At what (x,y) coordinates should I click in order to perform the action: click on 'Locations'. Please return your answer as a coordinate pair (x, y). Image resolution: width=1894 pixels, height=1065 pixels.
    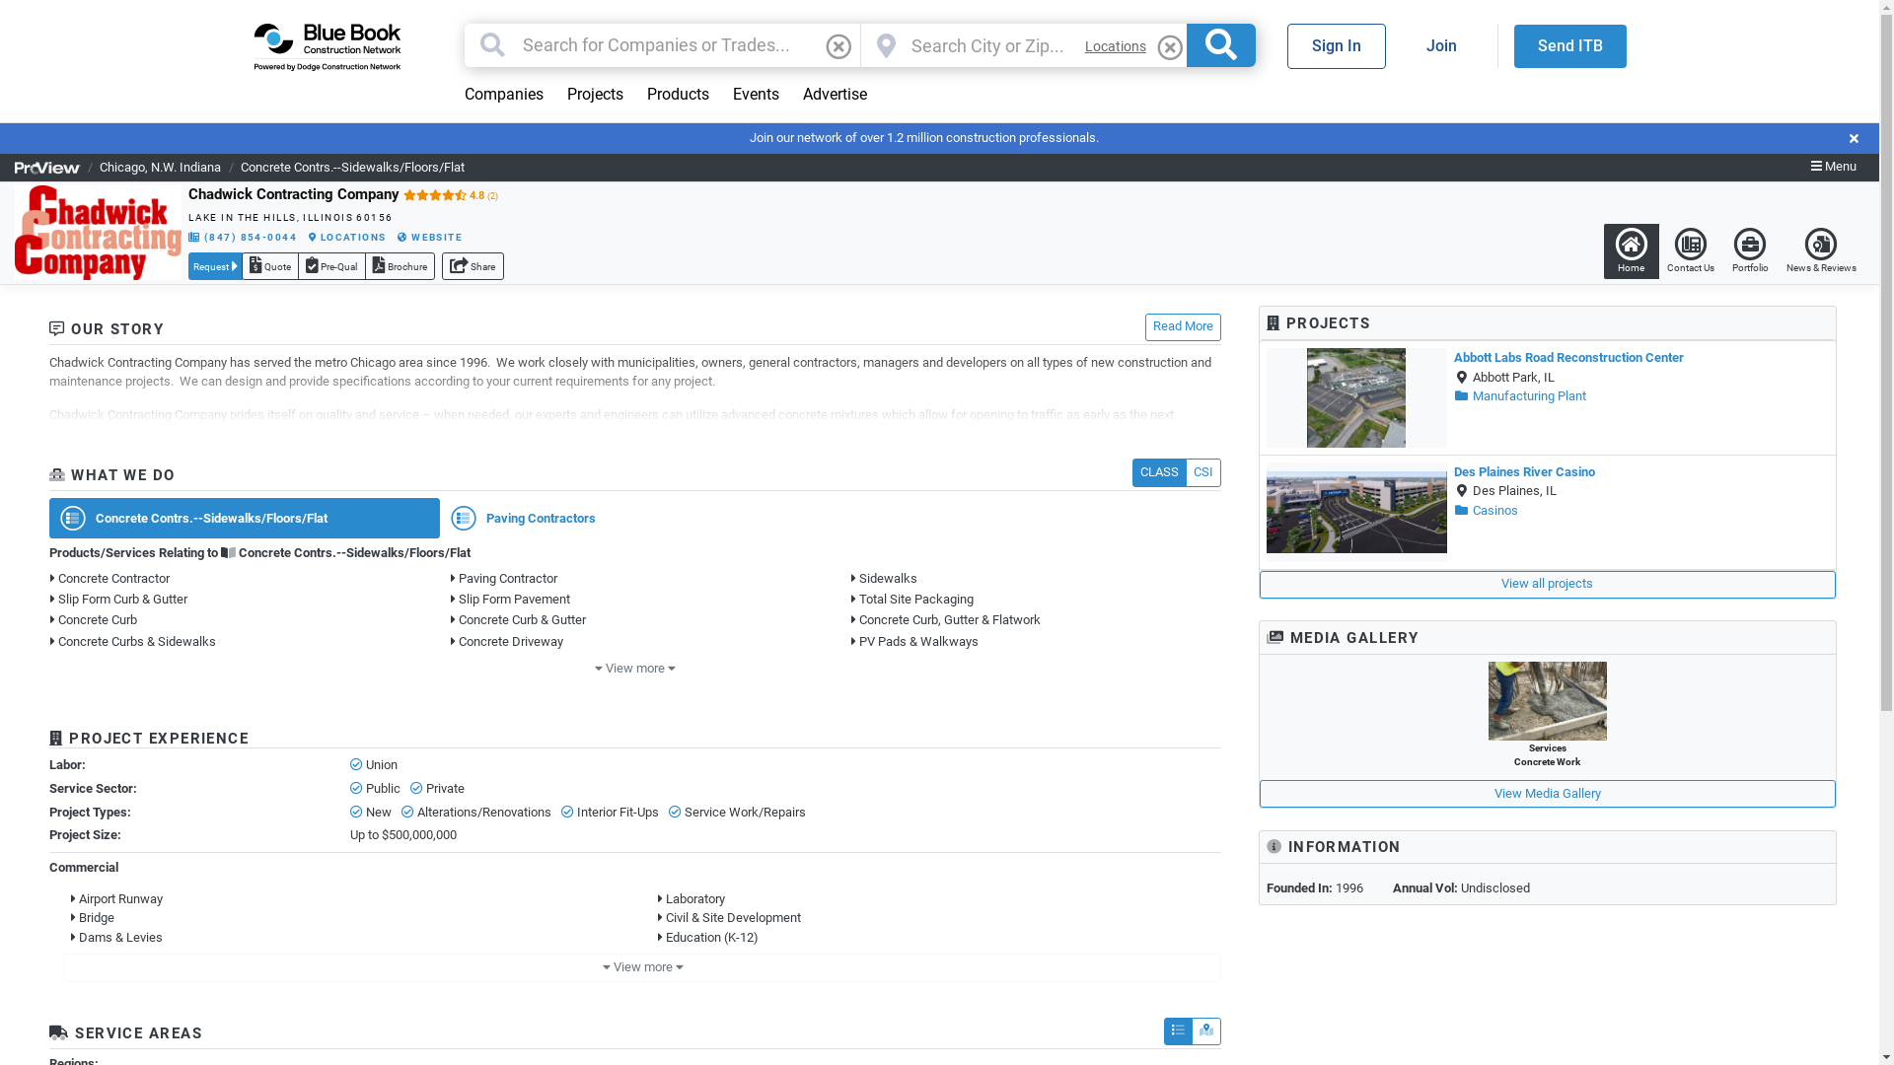
    Looking at the image, I should click on (1116, 45).